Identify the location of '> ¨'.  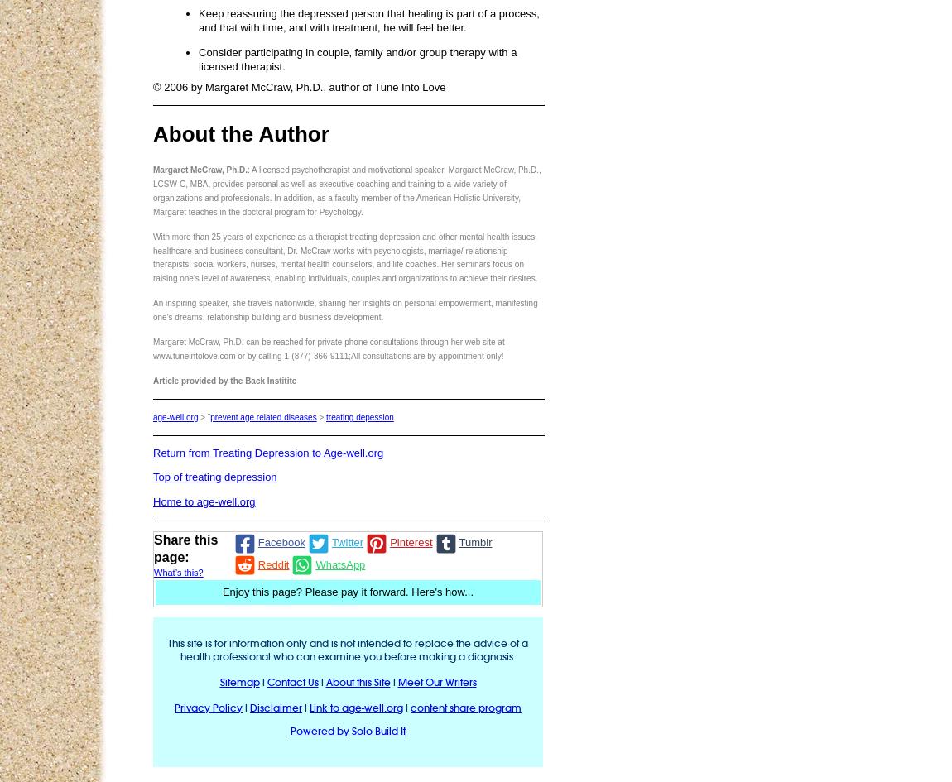
(203, 415).